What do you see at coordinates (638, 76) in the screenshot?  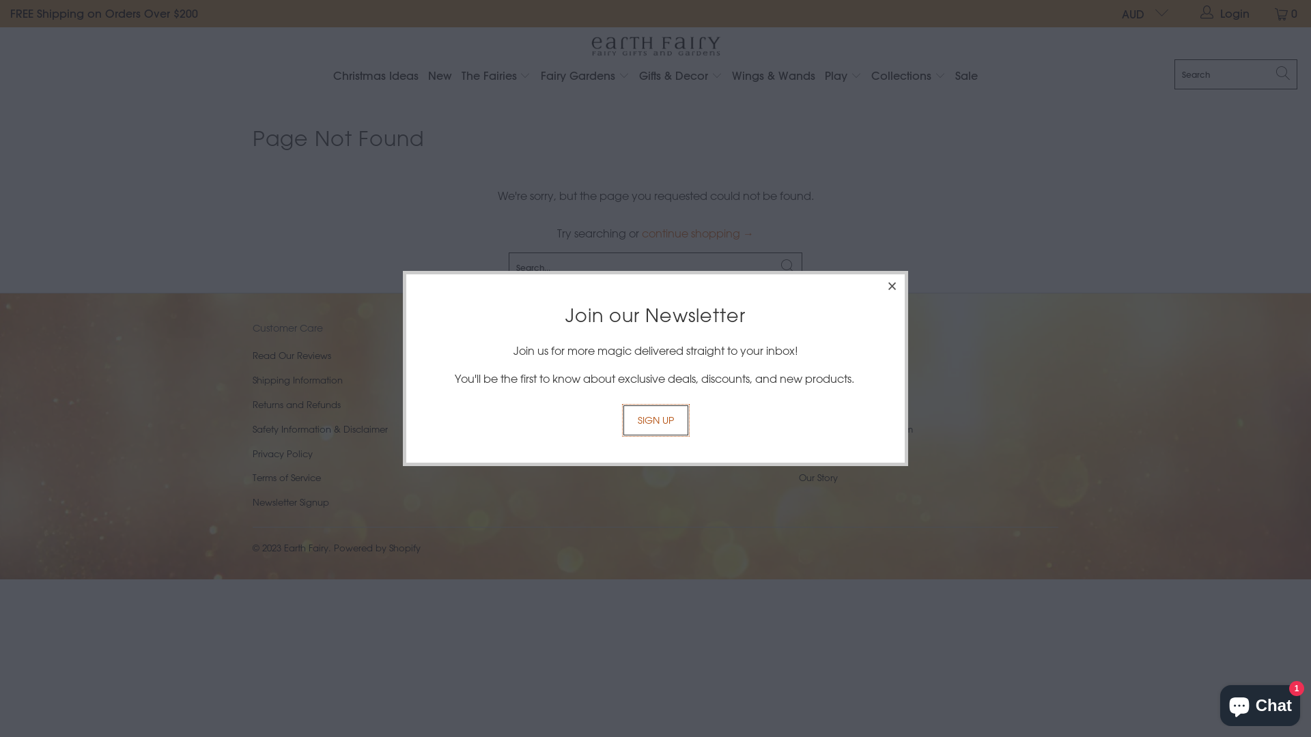 I see `'Gifts & Decor'` at bounding box center [638, 76].